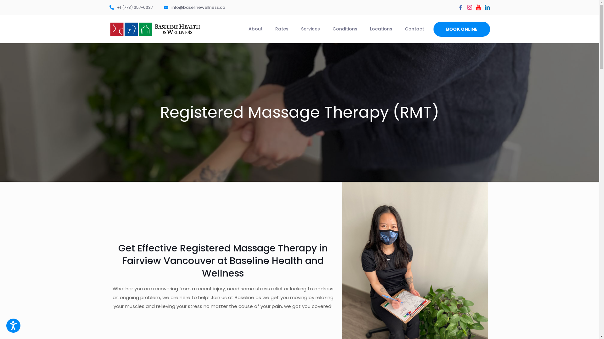 The image size is (604, 339). What do you see at coordinates (381, 29) in the screenshot?
I see `'Locations'` at bounding box center [381, 29].